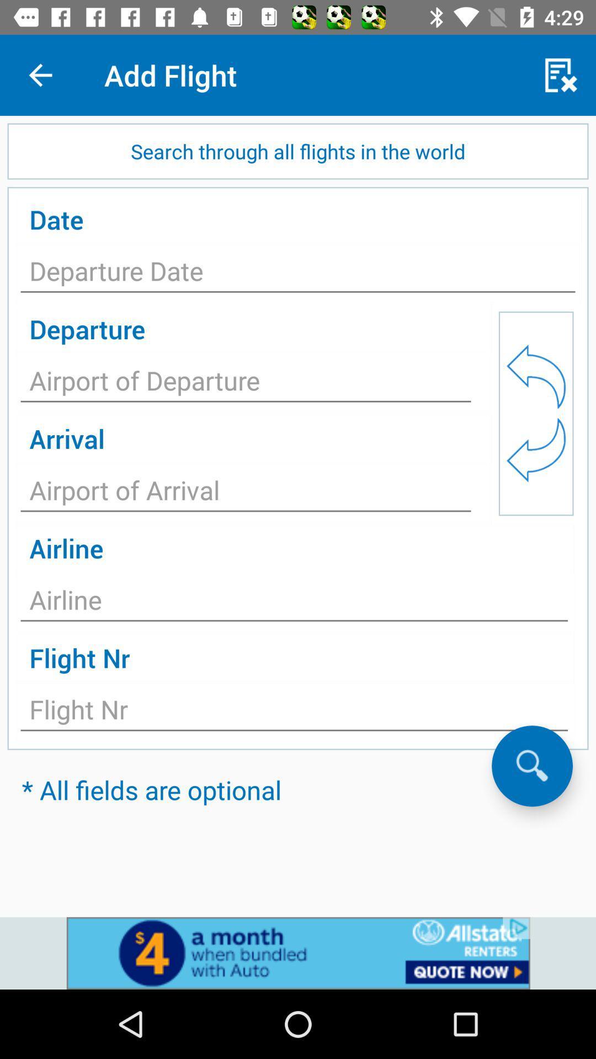 The width and height of the screenshot is (596, 1059). What do you see at coordinates (294, 713) in the screenshot?
I see `insert flight number` at bounding box center [294, 713].